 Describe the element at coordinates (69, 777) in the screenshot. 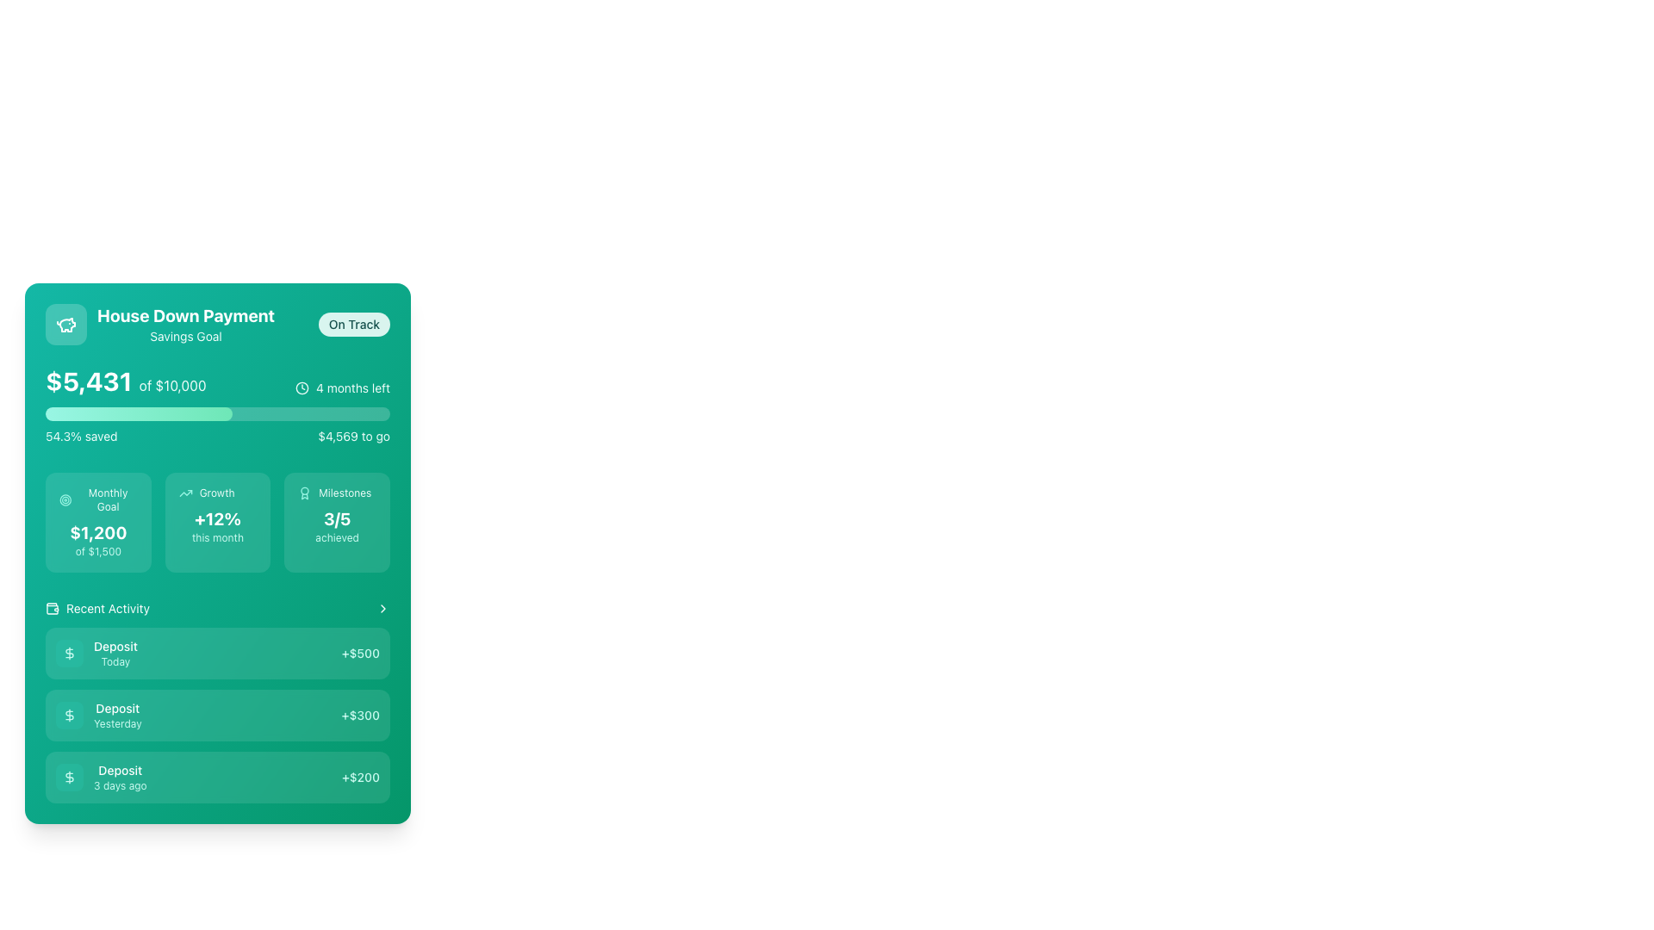

I see `the dollar sign icon located in the 'Recent Activity' section next to 'Deposit Today'` at that location.